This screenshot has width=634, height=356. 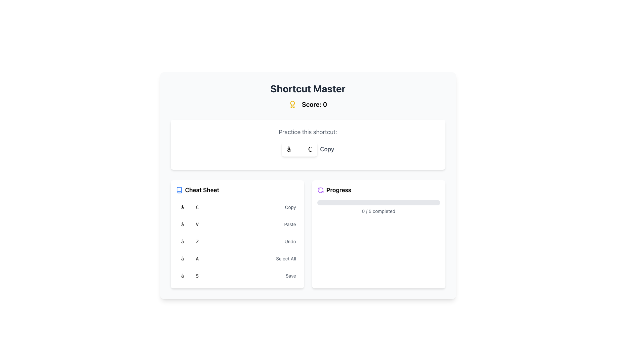 What do you see at coordinates (307, 132) in the screenshot?
I see `the Text label that introduces the functionality or instruction for the shortcut keys displayed below, located in the upper center part of the interface` at bounding box center [307, 132].